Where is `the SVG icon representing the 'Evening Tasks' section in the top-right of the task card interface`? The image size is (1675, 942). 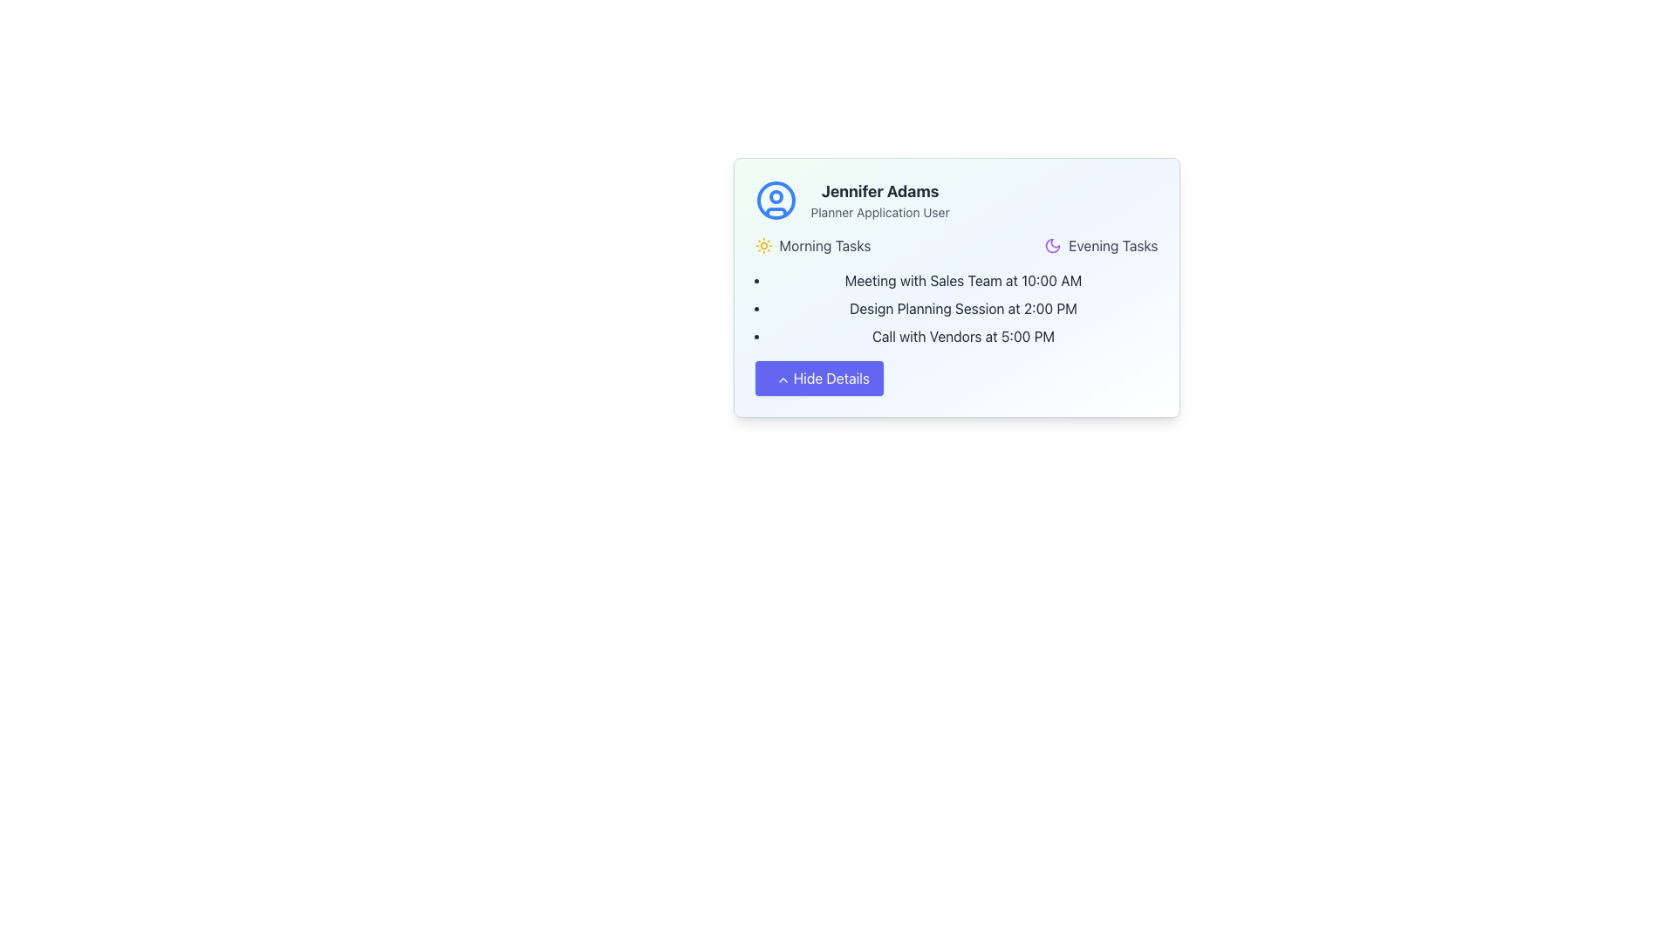
the SVG icon representing the 'Evening Tasks' section in the top-right of the task card interface is located at coordinates (1052, 245).